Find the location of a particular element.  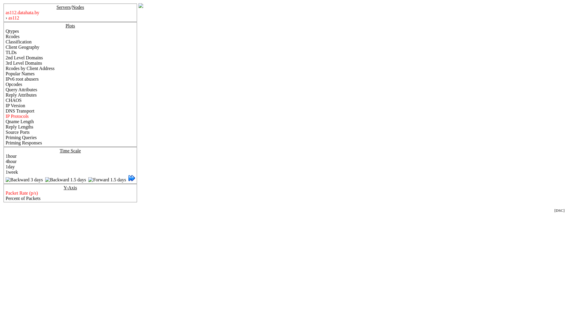

'Backward 3 days' is located at coordinates (24, 179).